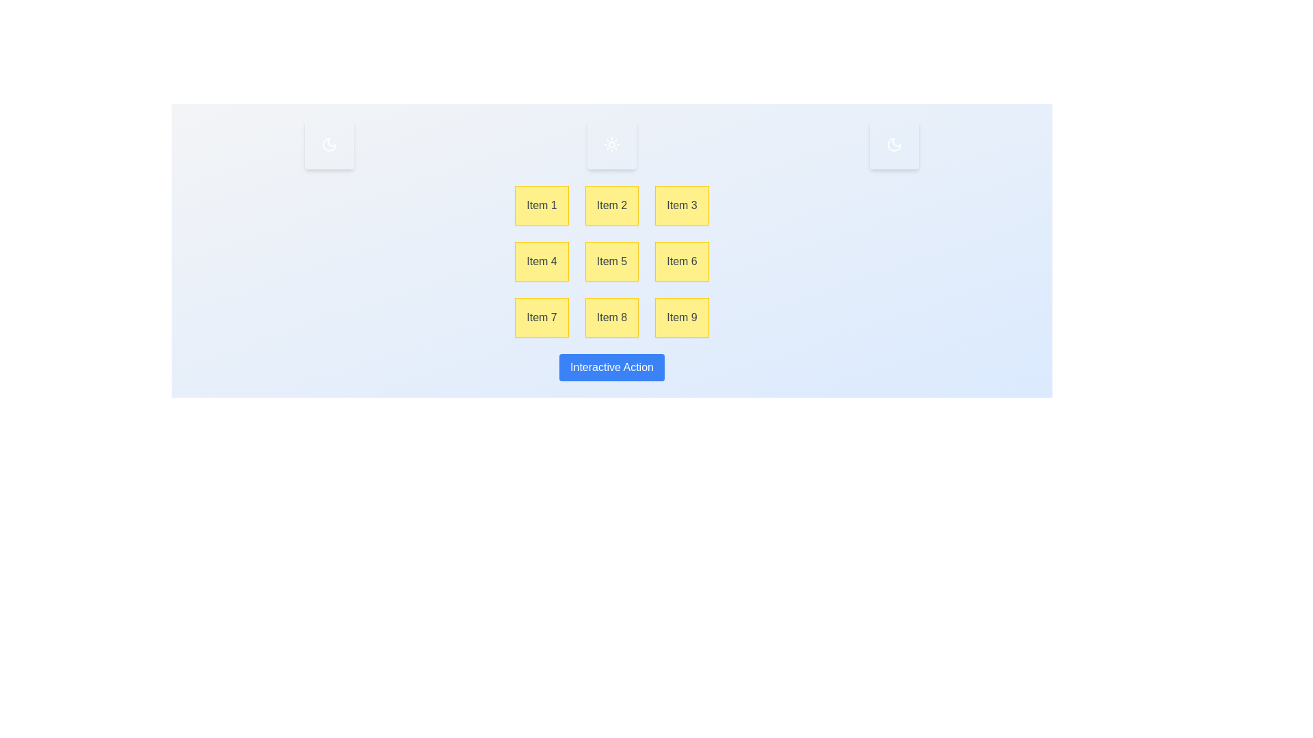 The width and height of the screenshot is (1313, 738). I want to click on the static text label displaying 'Item 3', which is styled with gray text and located in the last column of the first row in a grid layout, so click(682, 205).